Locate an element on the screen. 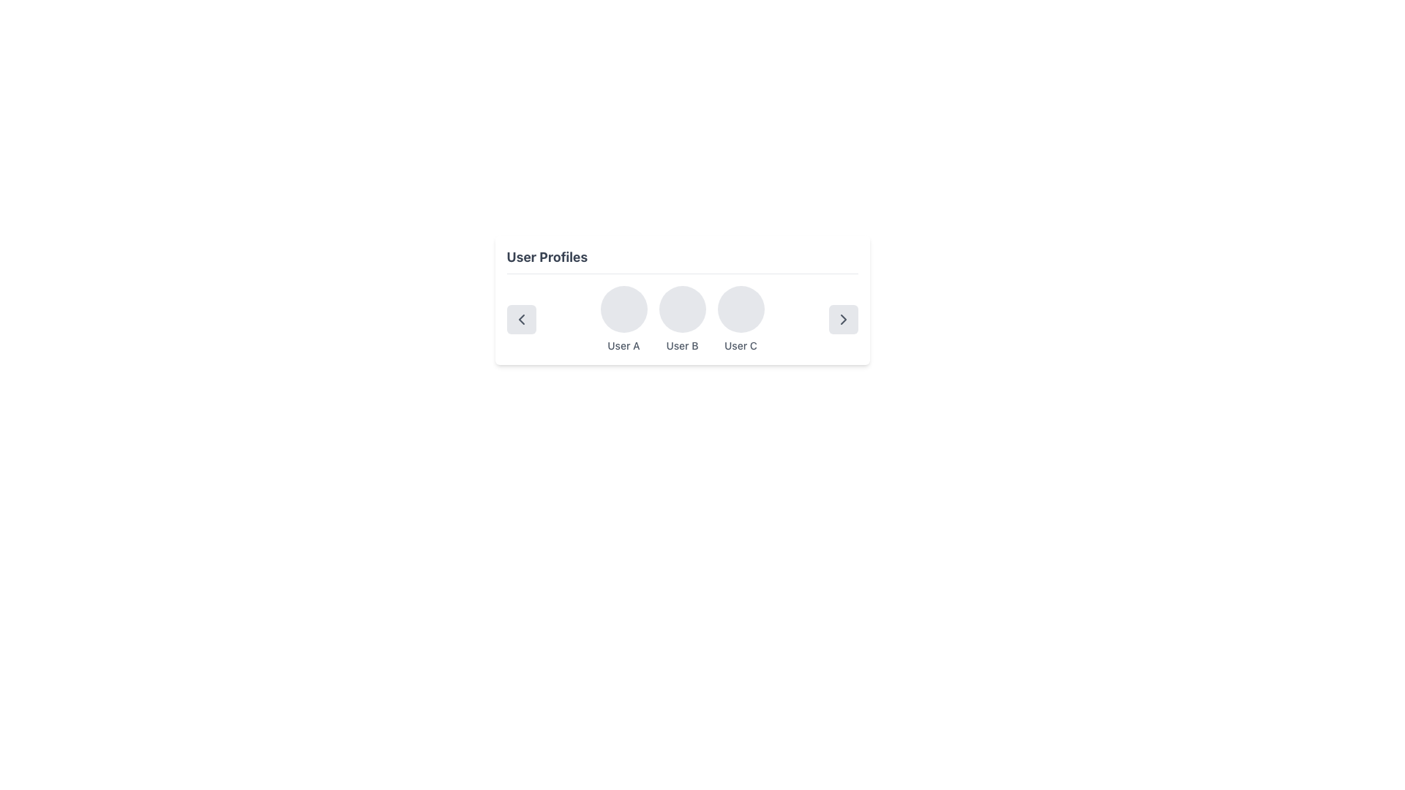 The height and width of the screenshot is (790, 1405). the navigational button located on the far left of the horizontal row displaying user profiles is located at coordinates (521, 318).